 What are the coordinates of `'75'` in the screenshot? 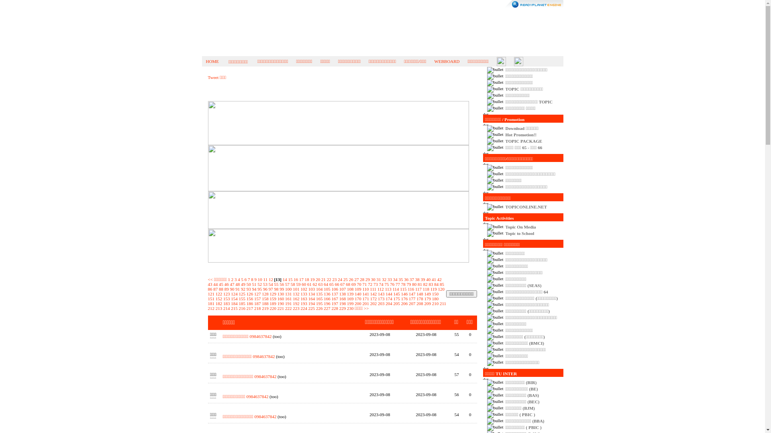 It's located at (387, 284).